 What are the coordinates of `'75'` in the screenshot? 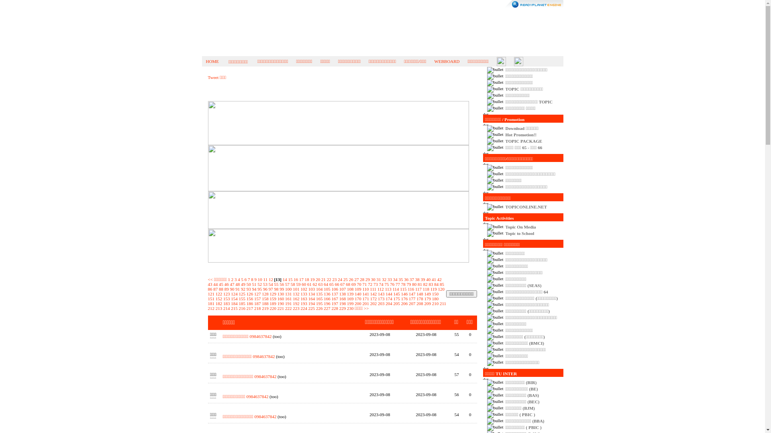 It's located at (387, 284).